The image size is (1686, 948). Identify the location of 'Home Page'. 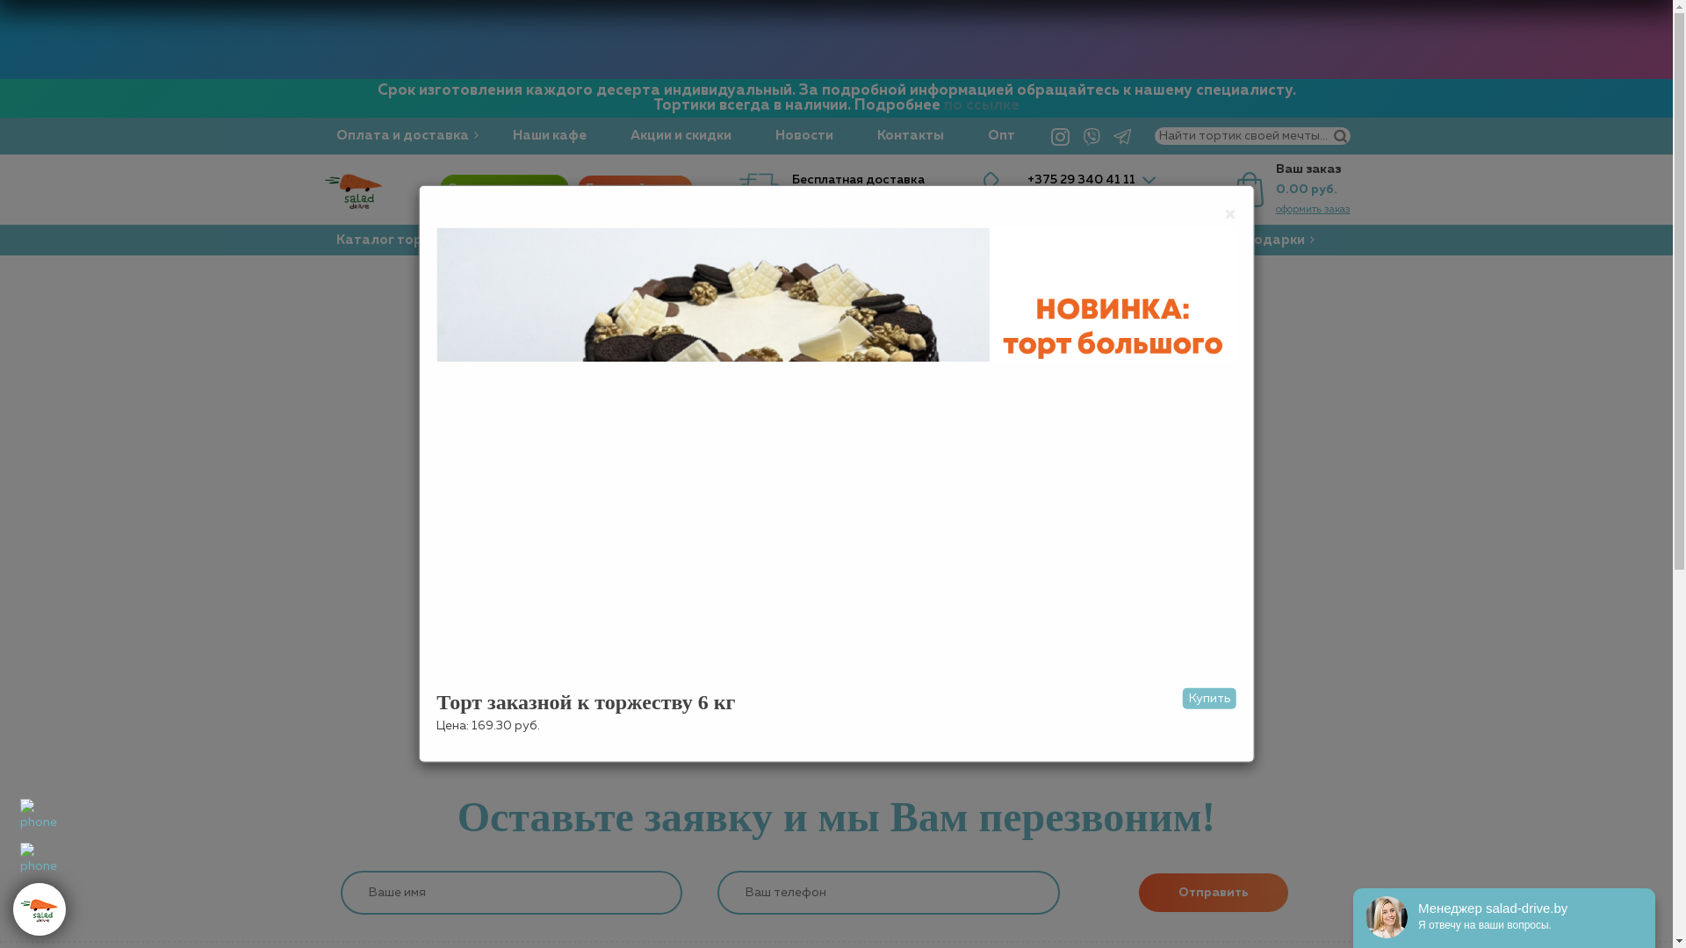
(834, 697).